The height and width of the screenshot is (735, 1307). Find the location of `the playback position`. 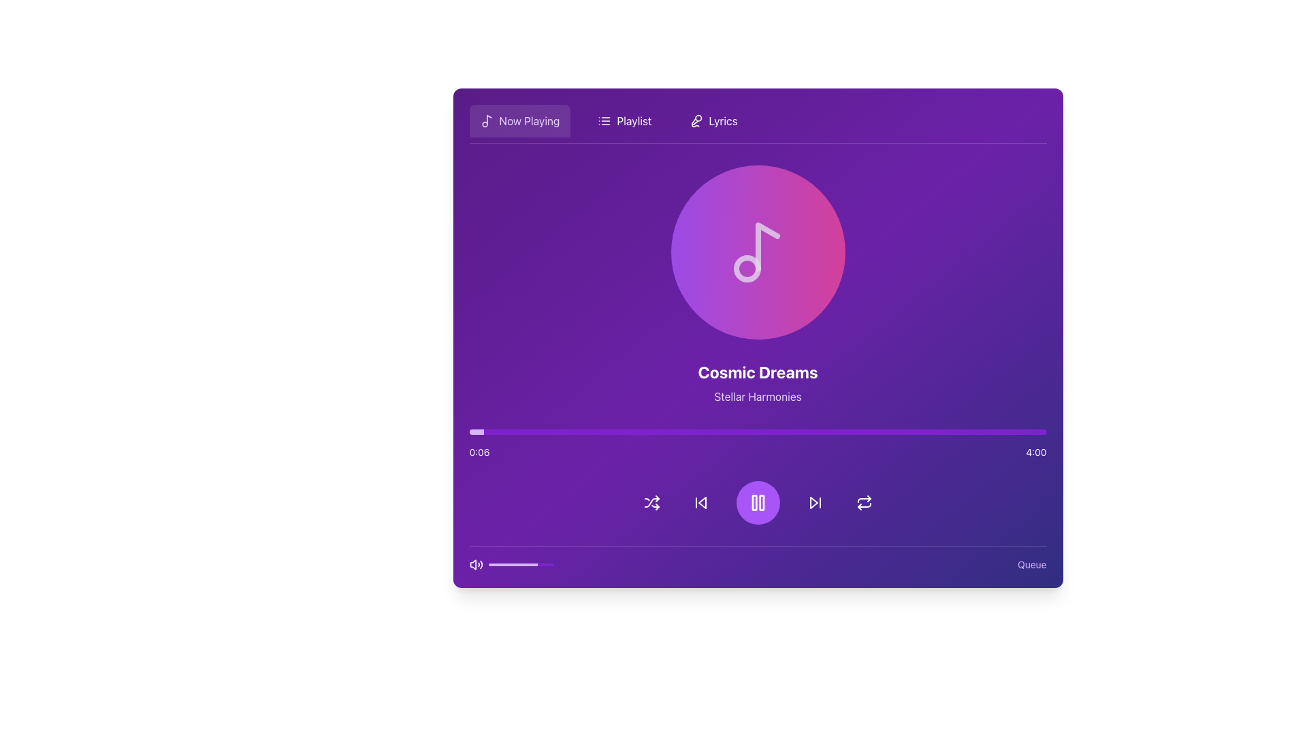

the playback position is located at coordinates (549, 432).